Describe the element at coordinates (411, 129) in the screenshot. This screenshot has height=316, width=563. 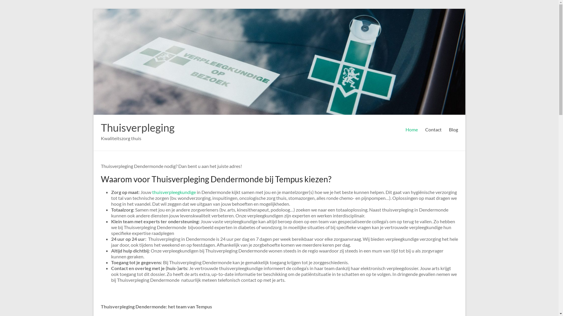
I see `'Home'` at that location.